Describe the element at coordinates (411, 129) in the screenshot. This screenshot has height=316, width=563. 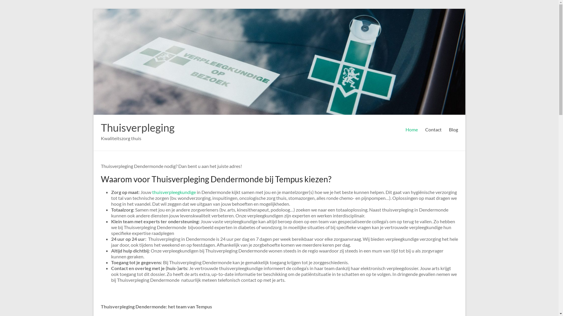
I see `'Home'` at that location.